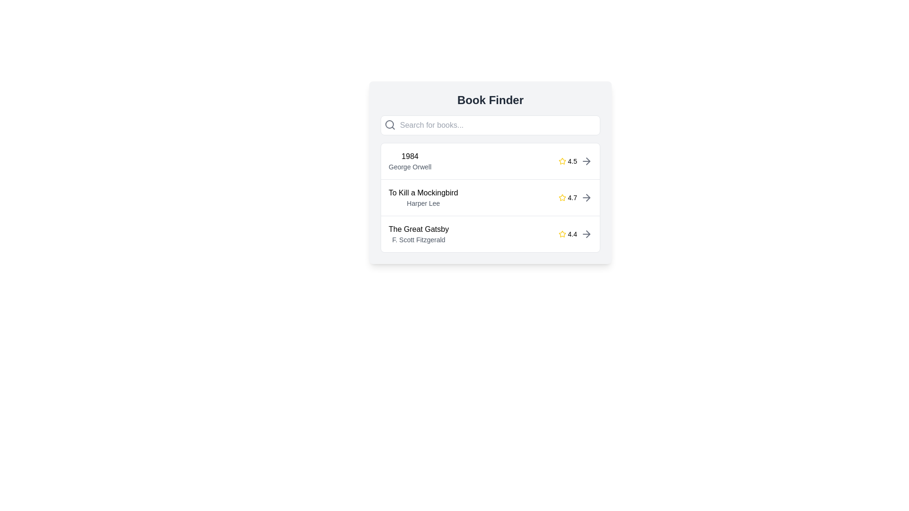 This screenshot has width=909, height=511. Describe the element at coordinates (423, 193) in the screenshot. I see `the static text label displaying the title of a book, located in the second row of the 'Book Finder' list` at that location.